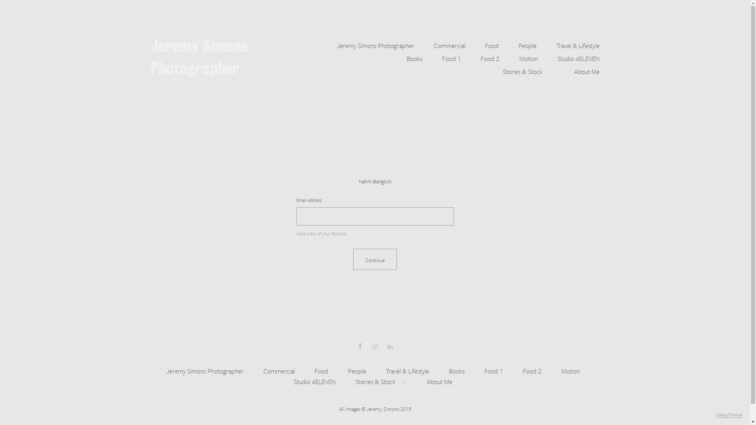 The width and height of the screenshot is (756, 425). I want to click on 'About Me', so click(587, 70).